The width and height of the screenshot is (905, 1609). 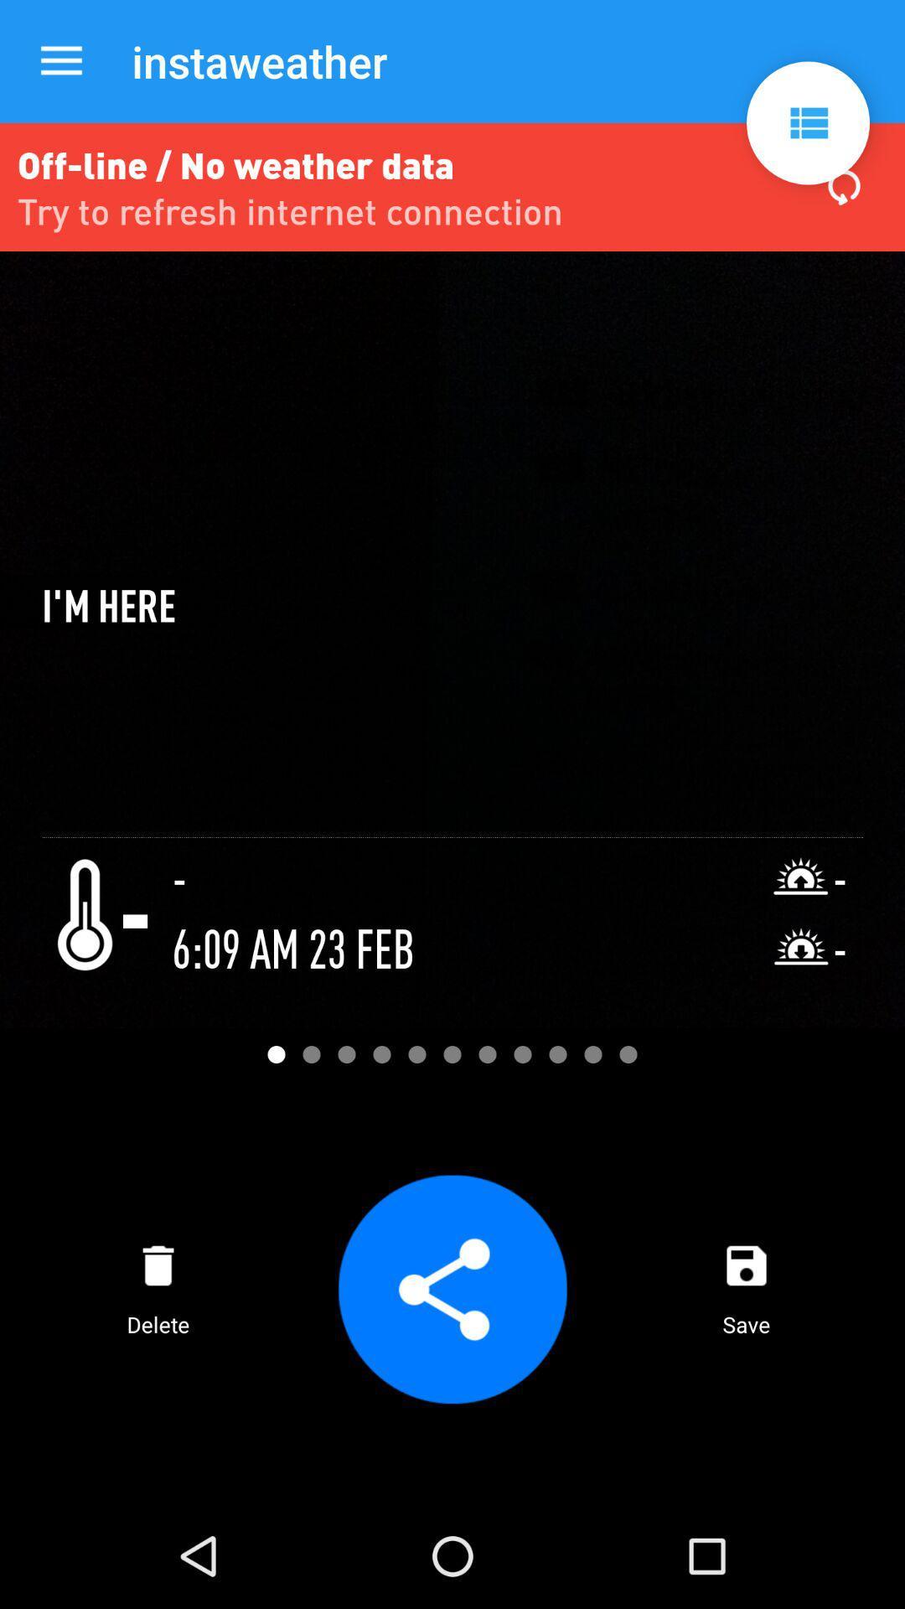 I want to click on app to the right of the instaweather item, so click(x=807, y=122).